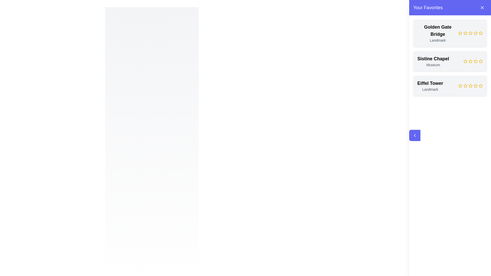 The image size is (491, 276). I want to click on the second card in the 'Your Favorites' panel representing the Sistine Chapel, so click(450, 61).